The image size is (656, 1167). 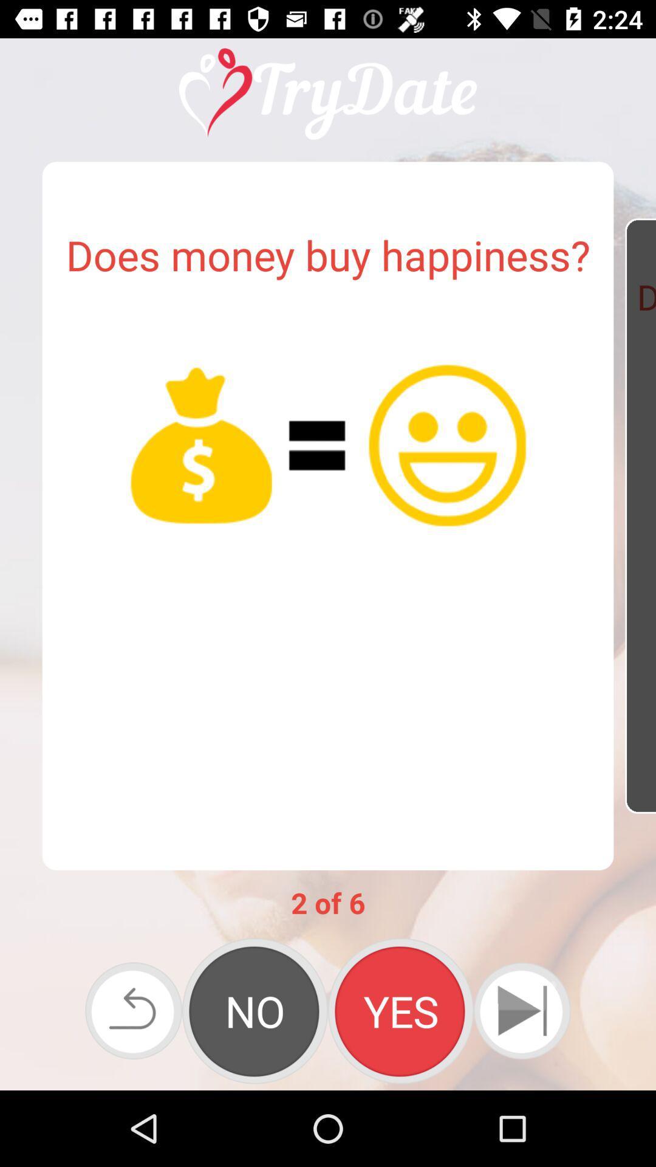 What do you see at coordinates (134, 1011) in the screenshot?
I see `icon at the bottom left corner` at bounding box center [134, 1011].